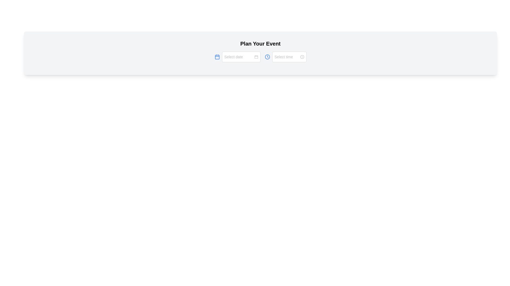  Describe the element at coordinates (217, 57) in the screenshot. I see `the calendar icon with a blue outline, positioned to the left of the 'Select date' input field` at that location.